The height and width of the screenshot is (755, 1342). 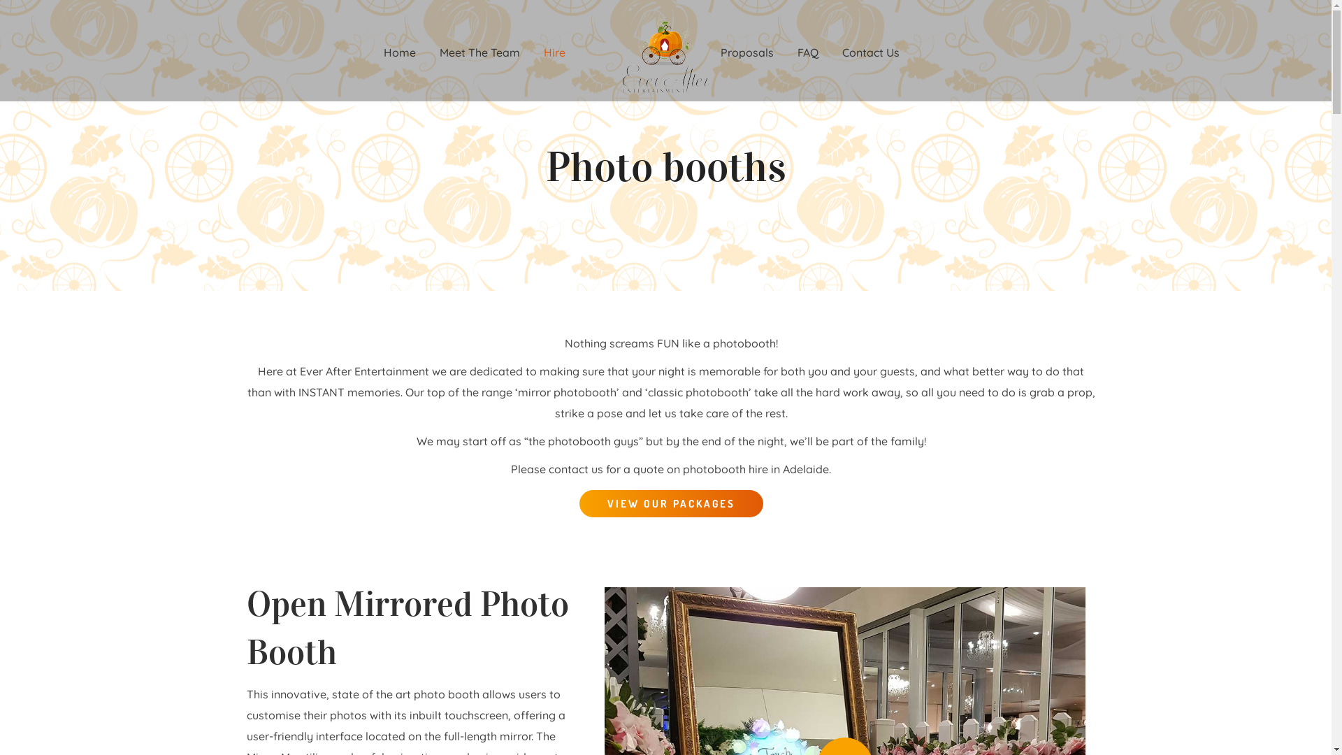 What do you see at coordinates (398, 51) in the screenshot?
I see `'Home'` at bounding box center [398, 51].